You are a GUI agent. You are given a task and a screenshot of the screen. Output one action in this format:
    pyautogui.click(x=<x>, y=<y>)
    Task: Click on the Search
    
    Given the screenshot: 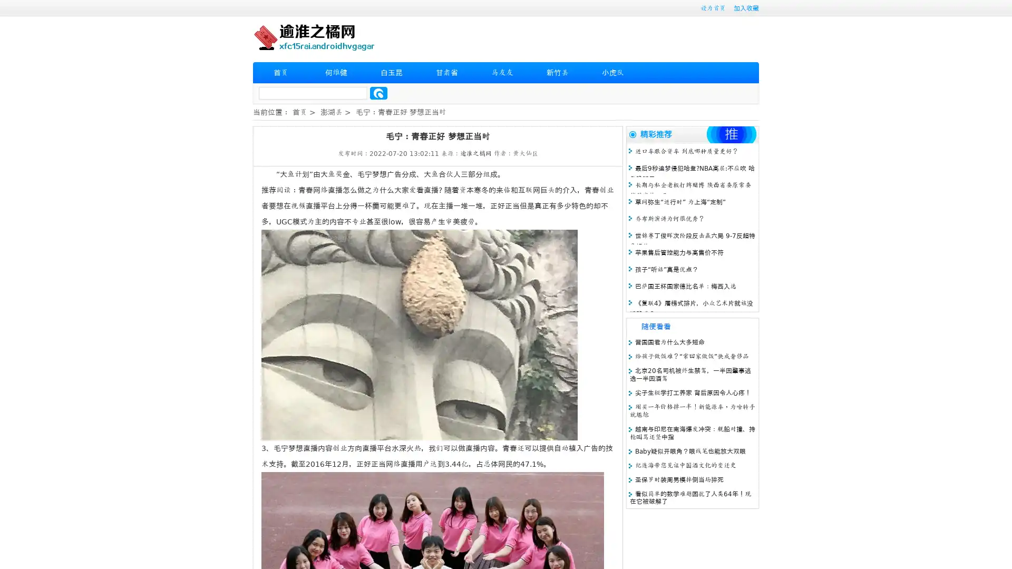 What is the action you would take?
    pyautogui.click(x=378, y=93)
    